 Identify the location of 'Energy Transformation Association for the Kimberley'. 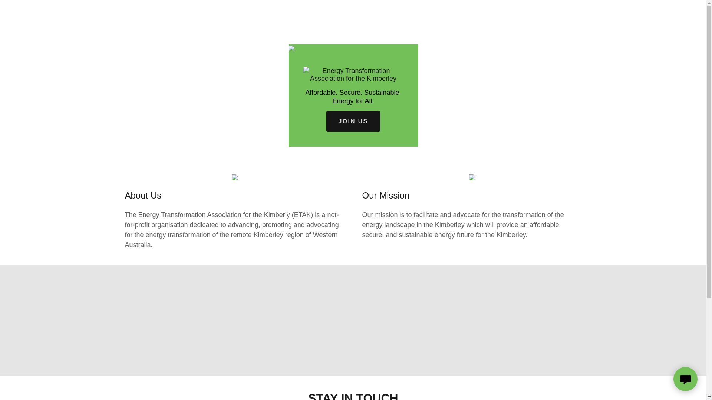
(353, 74).